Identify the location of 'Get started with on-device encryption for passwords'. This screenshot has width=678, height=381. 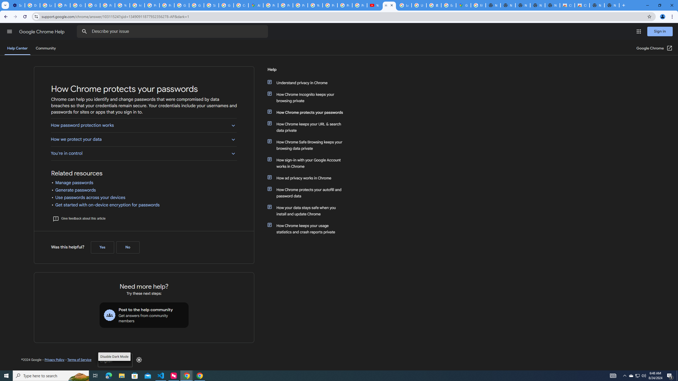
(108, 205).